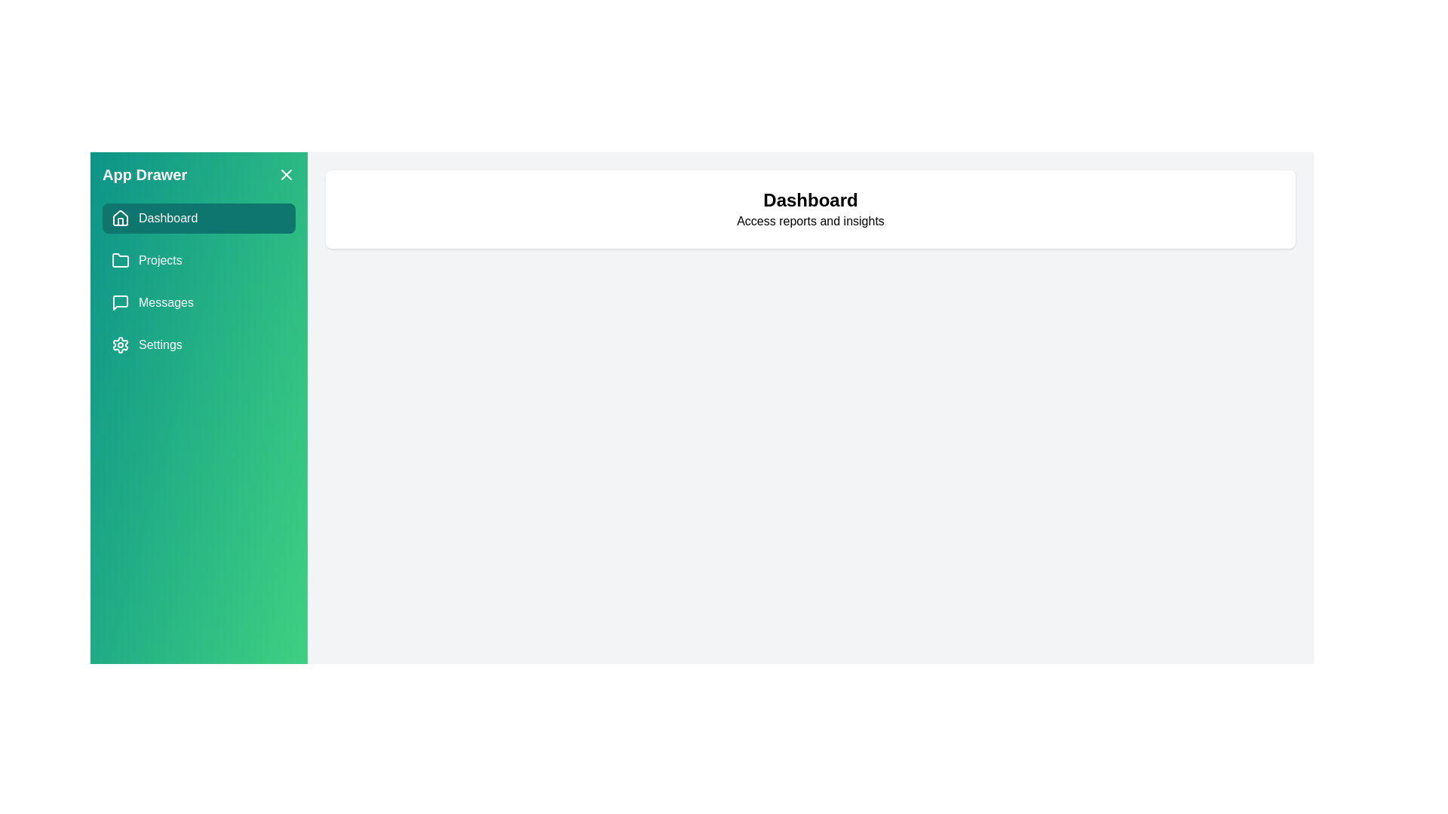  I want to click on the menu item Messages from the drawer, so click(198, 302).